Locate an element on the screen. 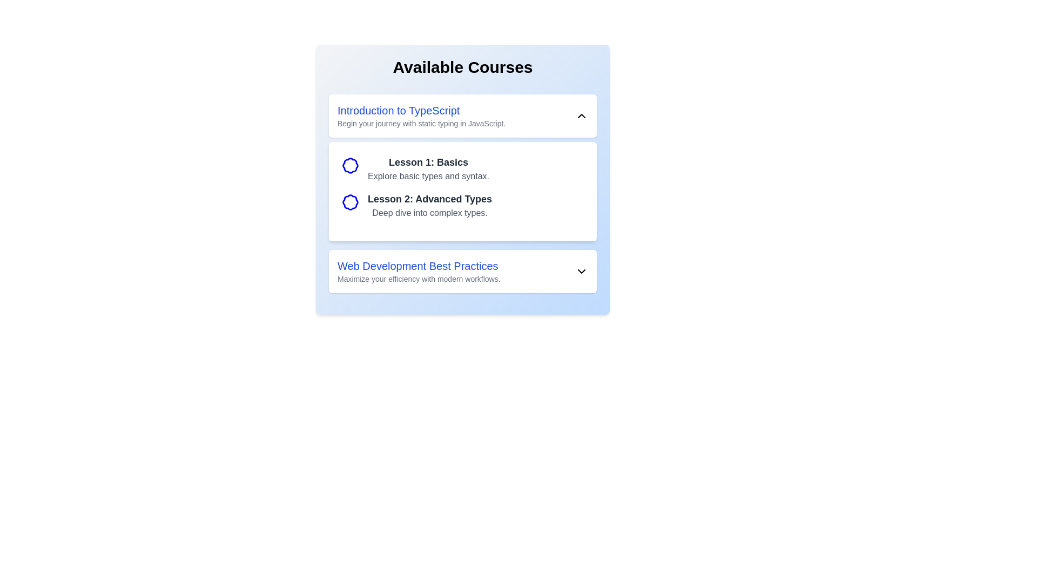  the text label that reads 'Introduction to TypeScript', which is styled in a prominent blue bold font and is positioned at the top of the 'Available Courses' panel is located at coordinates (421, 110).